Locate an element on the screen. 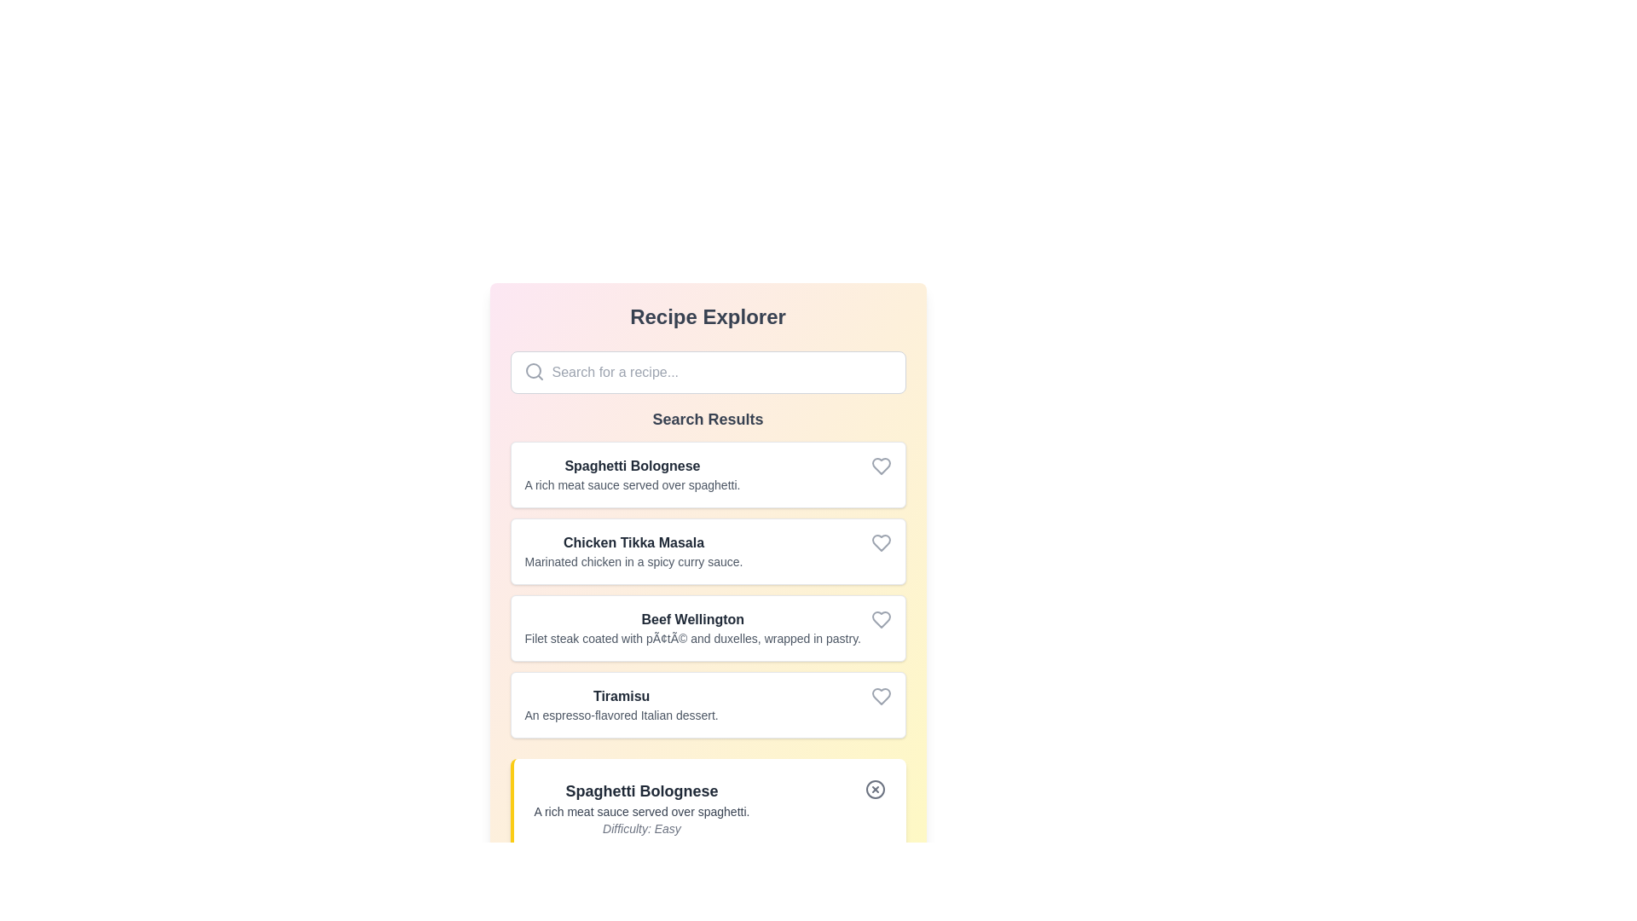  static text that describes 'A rich meat sauce served over spaghetti.', which is located beneath the title 'Spaghetti Bolognese' and above the difficulty indicator 'Difficulty: Easy.' is located at coordinates (641, 811).